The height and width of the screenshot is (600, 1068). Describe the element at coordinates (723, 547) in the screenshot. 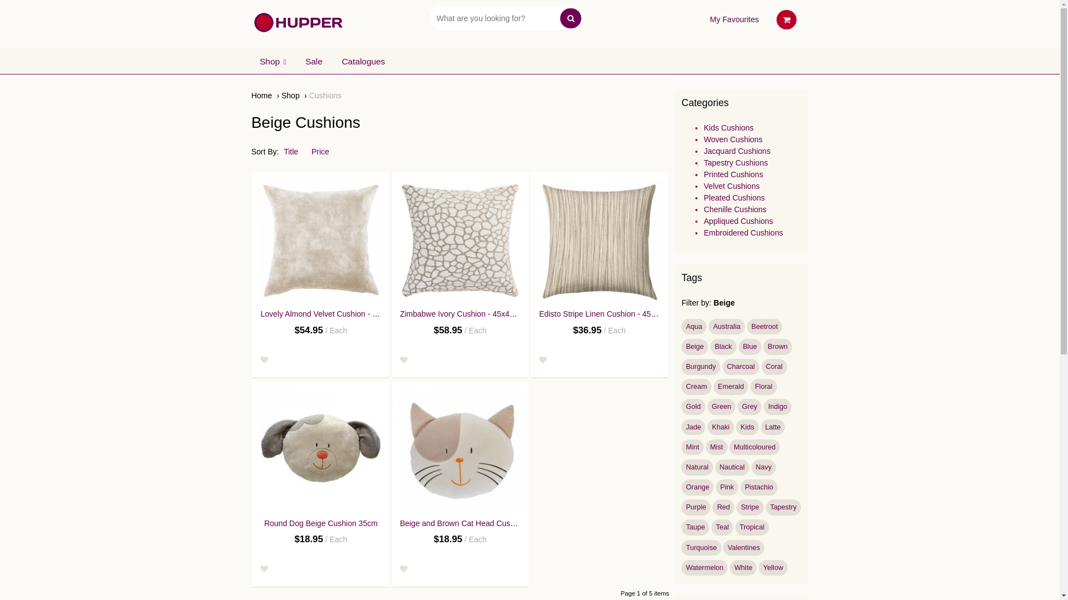

I see `'Valentines'` at that location.